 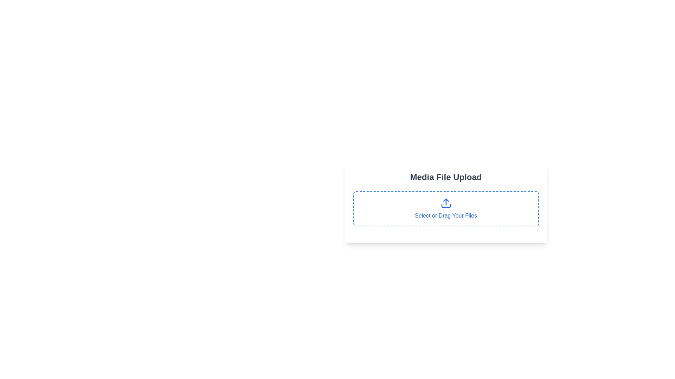 What do you see at coordinates (445, 203) in the screenshot?
I see `the file upload icon located at the center of the bordered dashed rectangle titled 'Select or Drag Your Files'` at bounding box center [445, 203].